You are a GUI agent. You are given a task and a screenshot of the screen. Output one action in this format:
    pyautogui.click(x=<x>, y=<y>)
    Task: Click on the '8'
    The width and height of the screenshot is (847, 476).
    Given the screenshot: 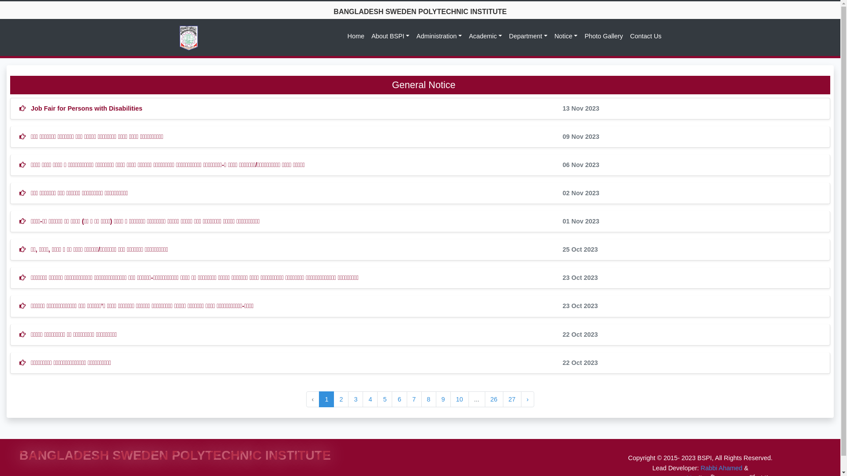 What is the action you would take?
    pyautogui.click(x=421, y=399)
    